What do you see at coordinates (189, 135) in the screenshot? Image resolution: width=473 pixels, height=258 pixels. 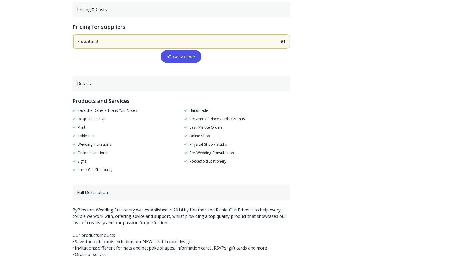 I see `'Online Shop'` at bounding box center [189, 135].